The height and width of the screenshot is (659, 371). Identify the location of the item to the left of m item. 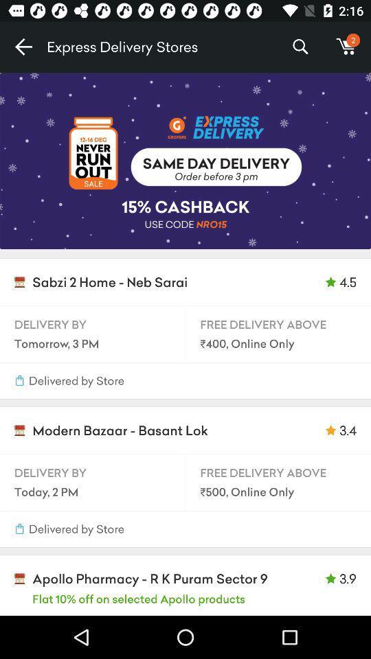
(300, 47).